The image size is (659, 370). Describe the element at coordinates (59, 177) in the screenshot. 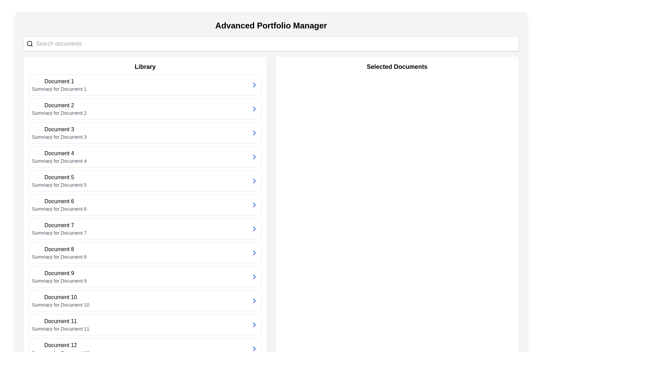

I see `the Text Label for 'Document 5' located in the left section under the header 'Library' to focus or perform an action related to it` at that location.